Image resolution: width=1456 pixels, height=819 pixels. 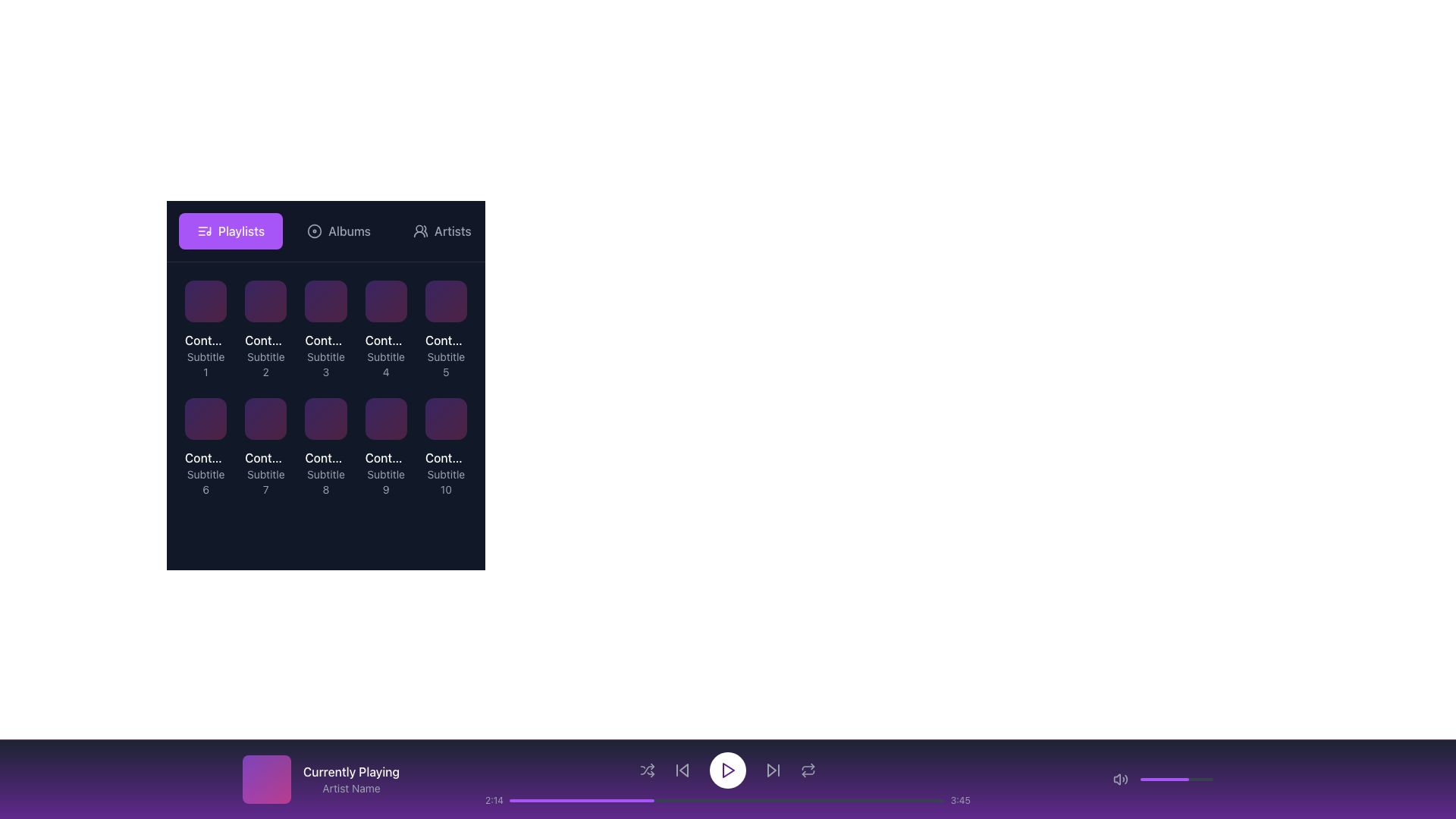 What do you see at coordinates (265, 419) in the screenshot?
I see `the seventh tile in the playlist grid located in the second row and third column` at bounding box center [265, 419].